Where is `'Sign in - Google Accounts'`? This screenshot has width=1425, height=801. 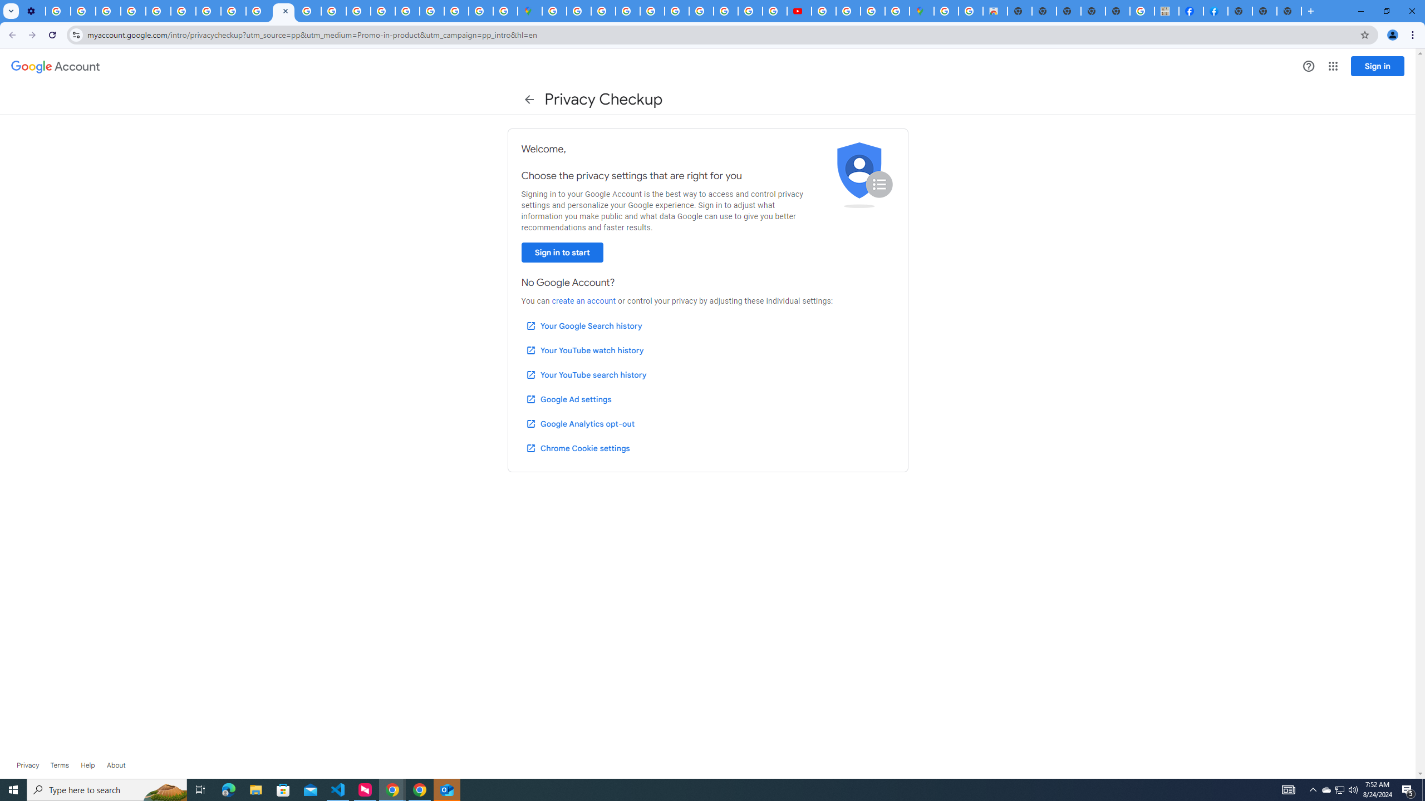
'Sign in - Google Accounts' is located at coordinates (578, 11).